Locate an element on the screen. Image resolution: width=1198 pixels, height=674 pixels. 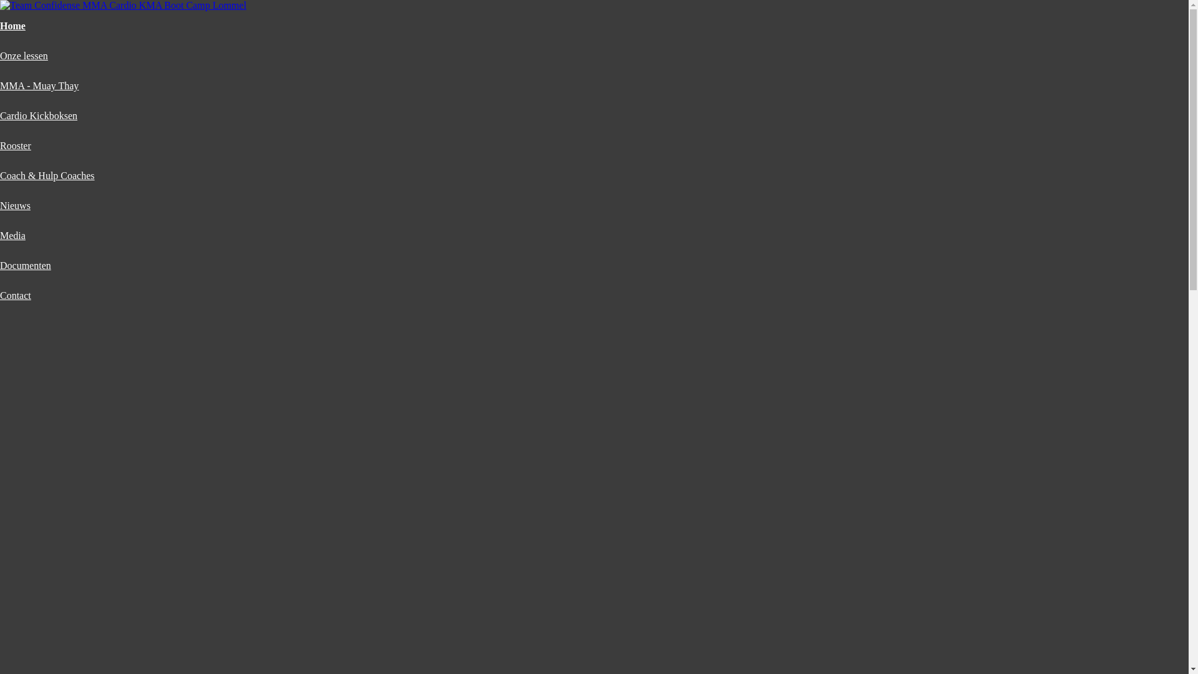
'Coach & Hulp Coaches' is located at coordinates (47, 175).